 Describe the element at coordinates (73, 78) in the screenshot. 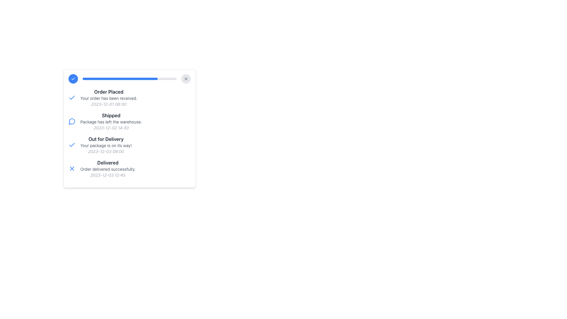

I see `the checkmark icon inside the small circular button with a light blue background located at the top left of the delivery progress card` at that location.